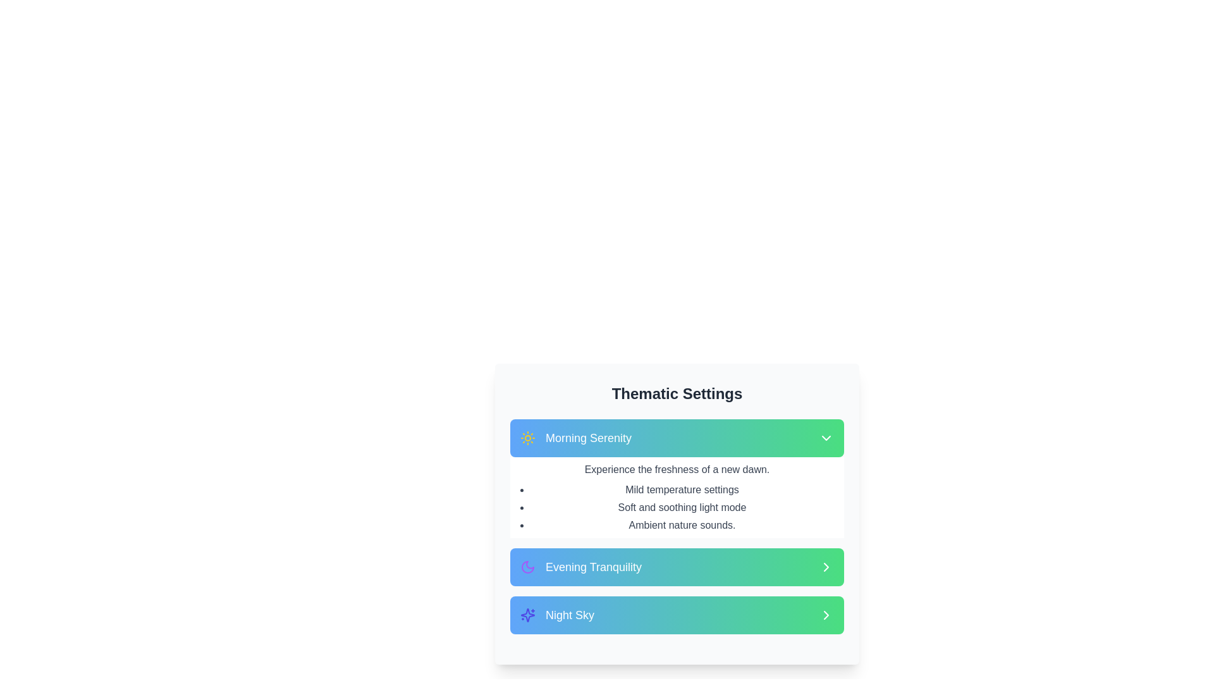 This screenshot has height=683, width=1214. I want to click on the yellow sun icon located to the left of the 'Morning Serenity' list item, so click(528, 438).